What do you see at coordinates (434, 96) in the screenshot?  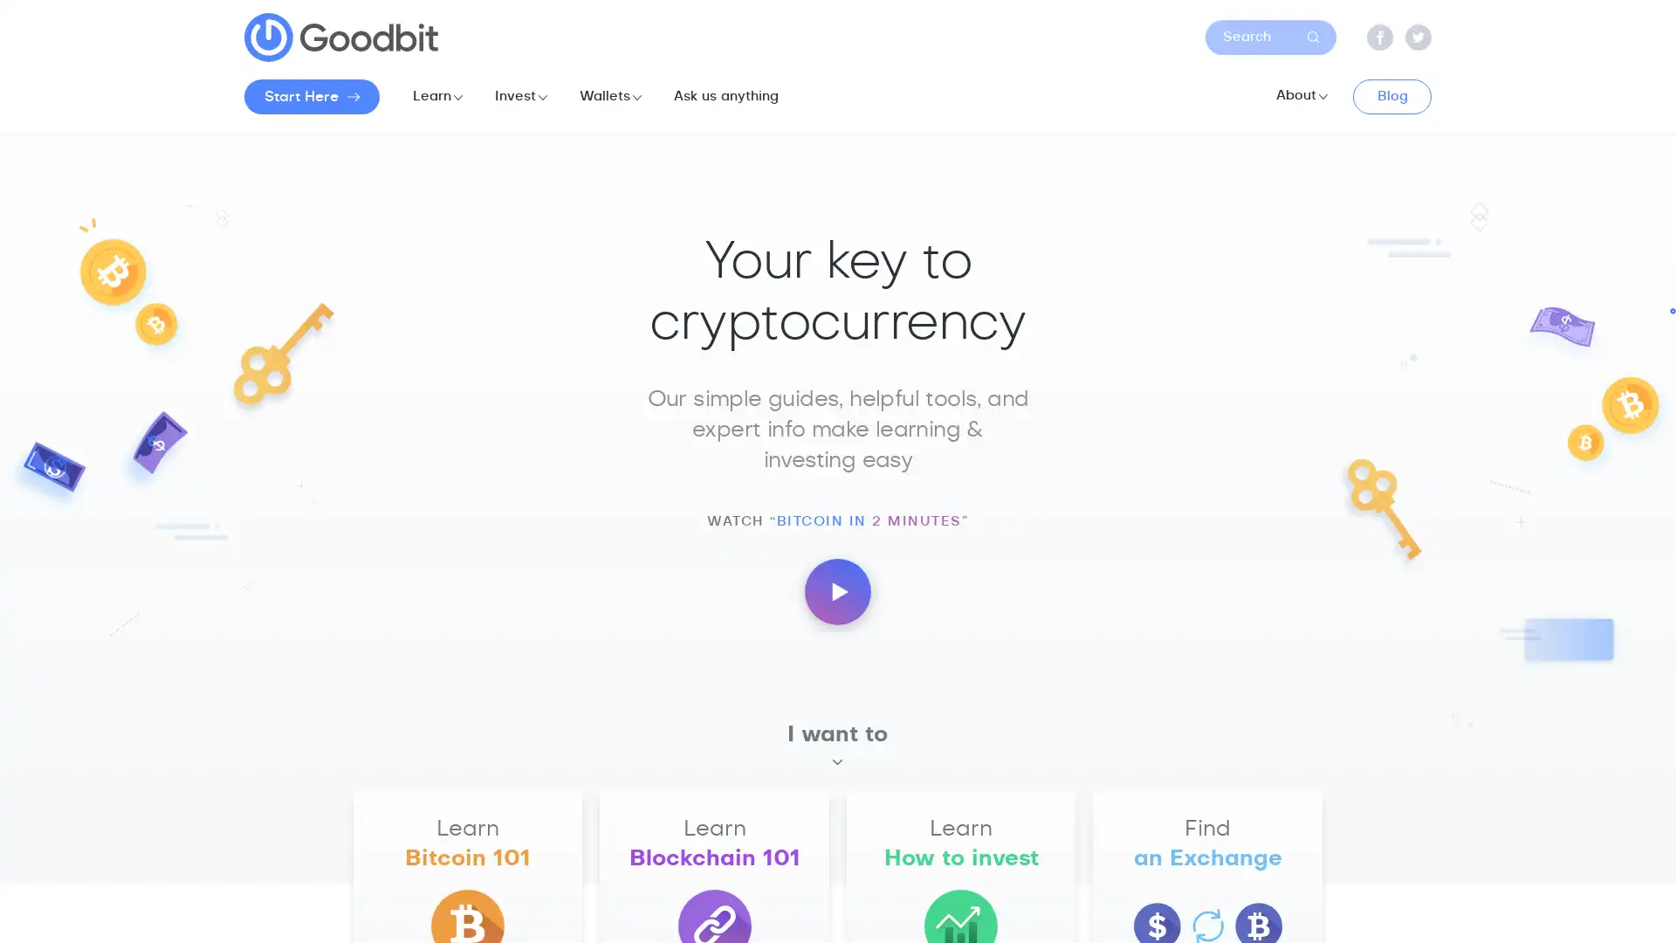 I see `Learn` at bounding box center [434, 96].